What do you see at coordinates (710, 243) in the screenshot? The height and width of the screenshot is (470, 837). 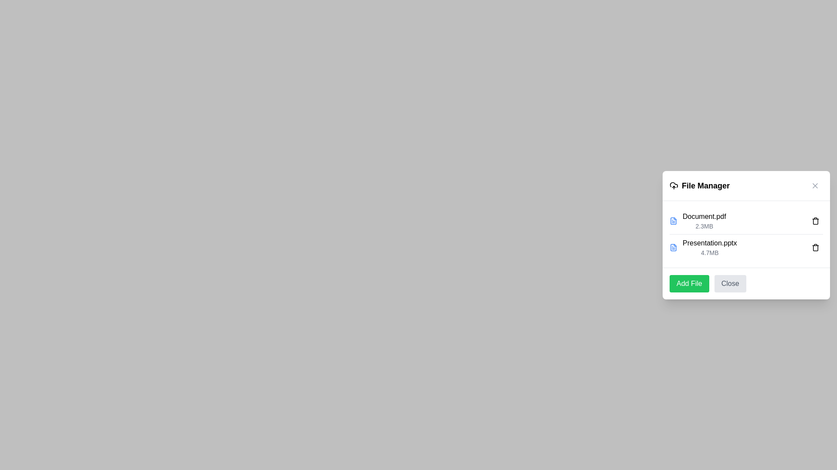 I see `the text label displaying 'Presentation.pptx', styled with medium font weight, located in the 'File Manager' modal` at bounding box center [710, 243].